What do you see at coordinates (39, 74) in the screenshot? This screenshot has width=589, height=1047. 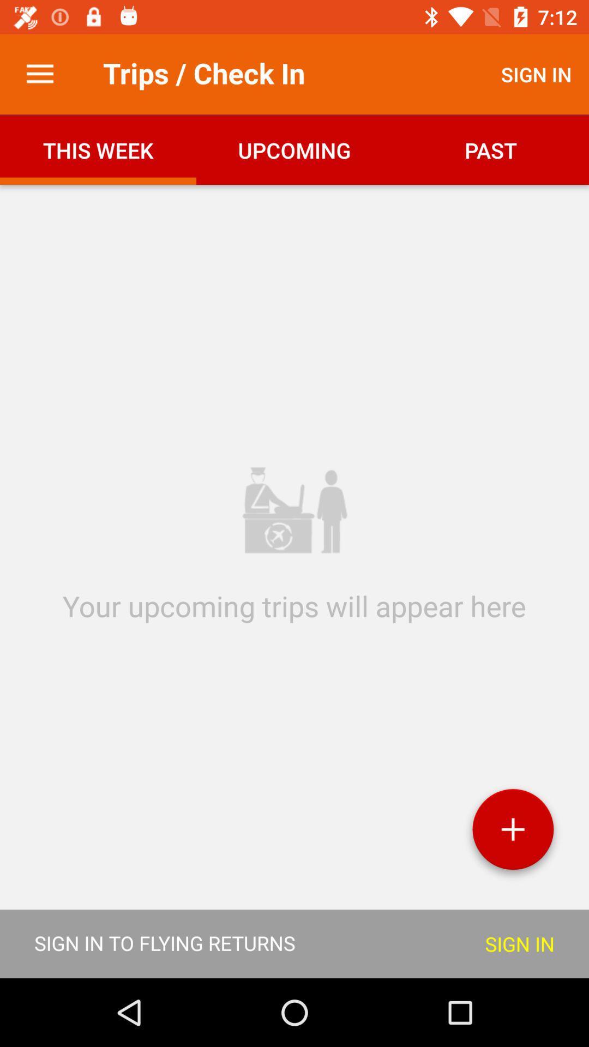 I see `the icon next to trips / check in item` at bounding box center [39, 74].